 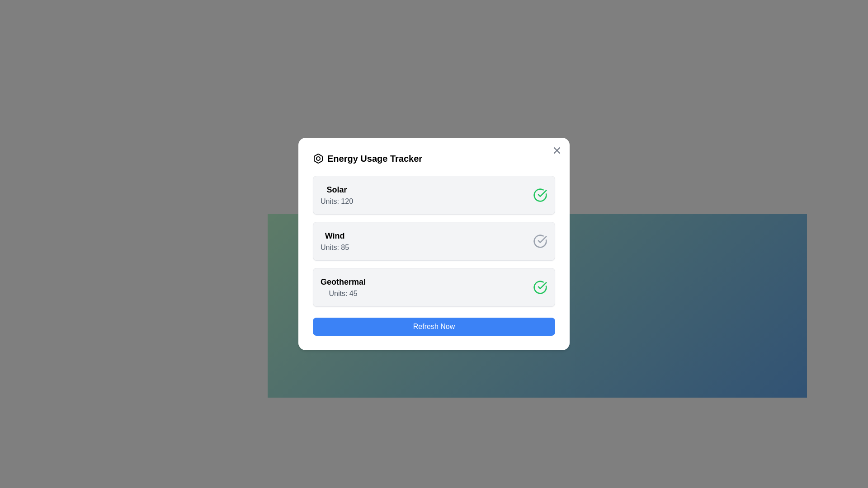 What do you see at coordinates (540, 195) in the screenshot?
I see `the status indicator icon associated with the 'Solar' row in the Energy Usage Tracker interface, located in the top-right corner of the row` at bounding box center [540, 195].